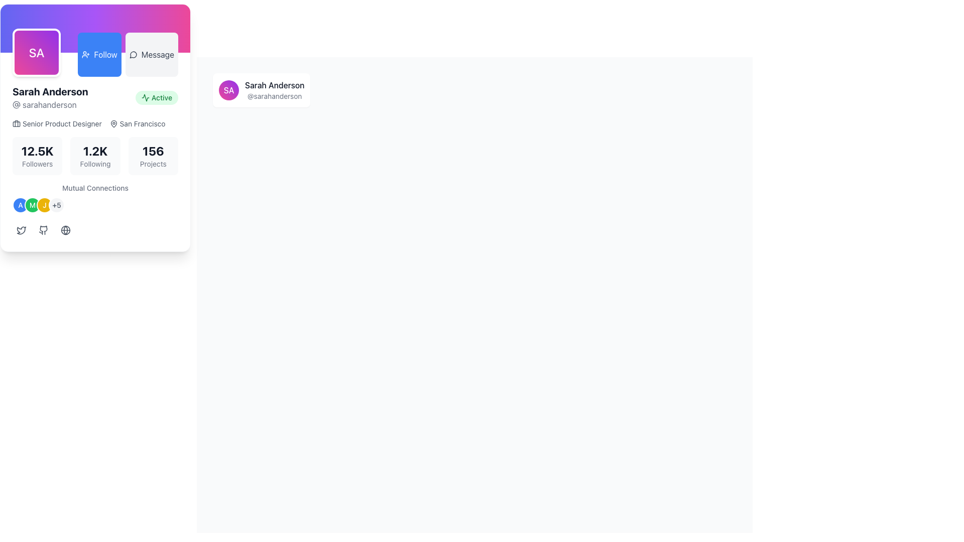 The height and width of the screenshot is (542, 964). What do you see at coordinates (105, 54) in the screenshot?
I see `'Follow' button text label for additional details in debugging tools, which is part of a blue button located in the top-left region of the interface, positioned to the right of a purple avatar and left of a white 'Message' button` at bounding box center [105, 54].